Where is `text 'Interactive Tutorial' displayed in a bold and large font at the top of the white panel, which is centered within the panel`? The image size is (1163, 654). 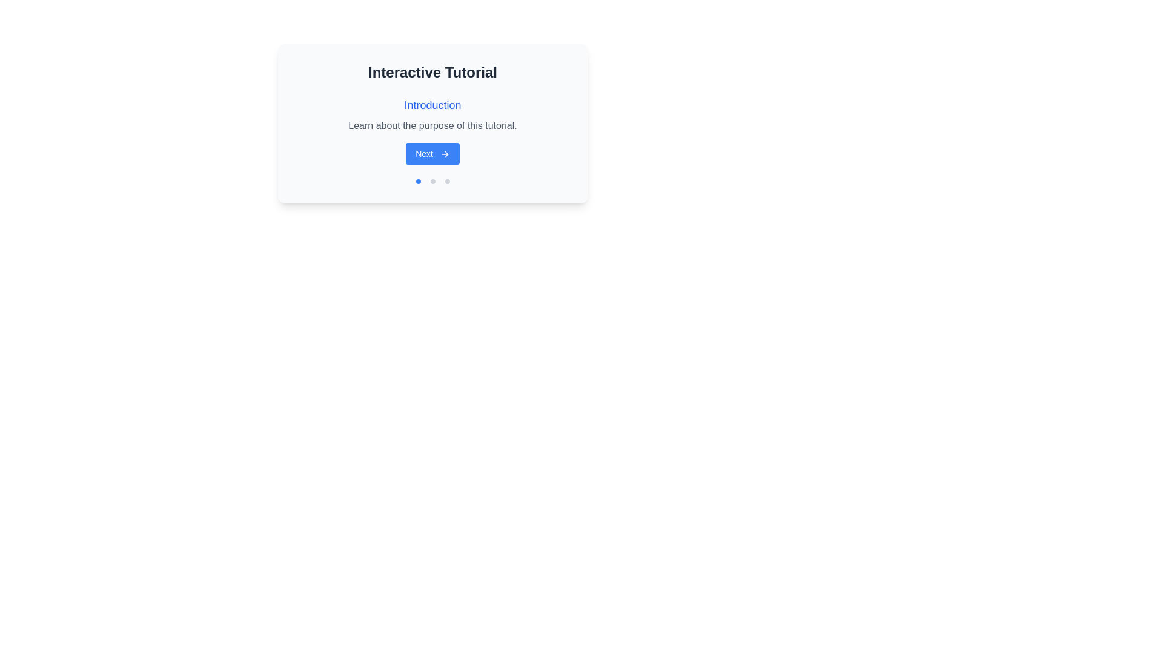 text 'Interactive Tutorial' displayed in a bold and large font at the top of the white panel, which is centered within the panel is located at coordinates (432, 72).